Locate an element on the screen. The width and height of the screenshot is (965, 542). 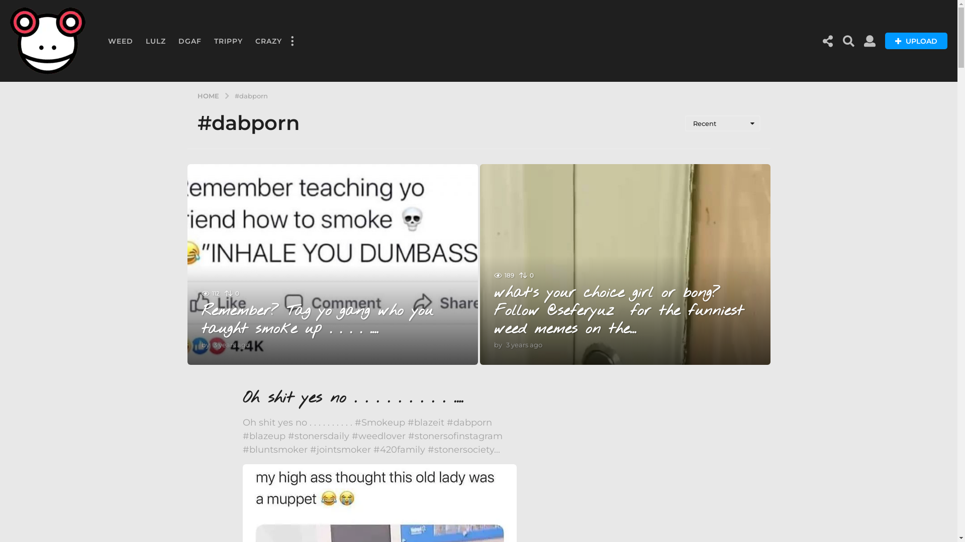
'WEED' is located at coordinates (121, 40).